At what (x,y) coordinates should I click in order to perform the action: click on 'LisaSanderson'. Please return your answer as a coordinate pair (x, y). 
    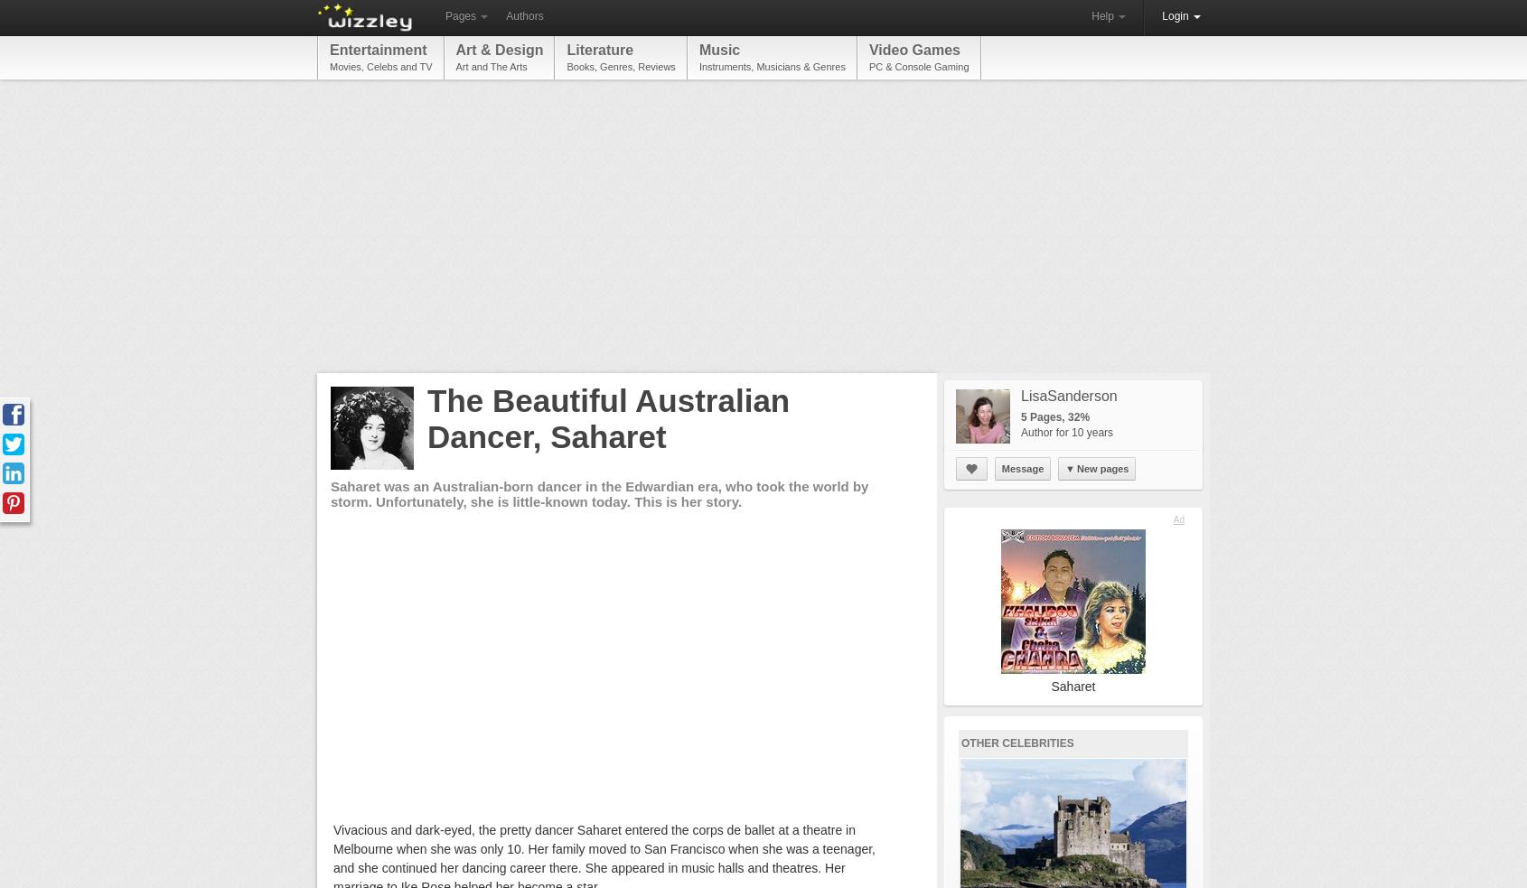
    Looking at the image, I should click on (1069, 394).